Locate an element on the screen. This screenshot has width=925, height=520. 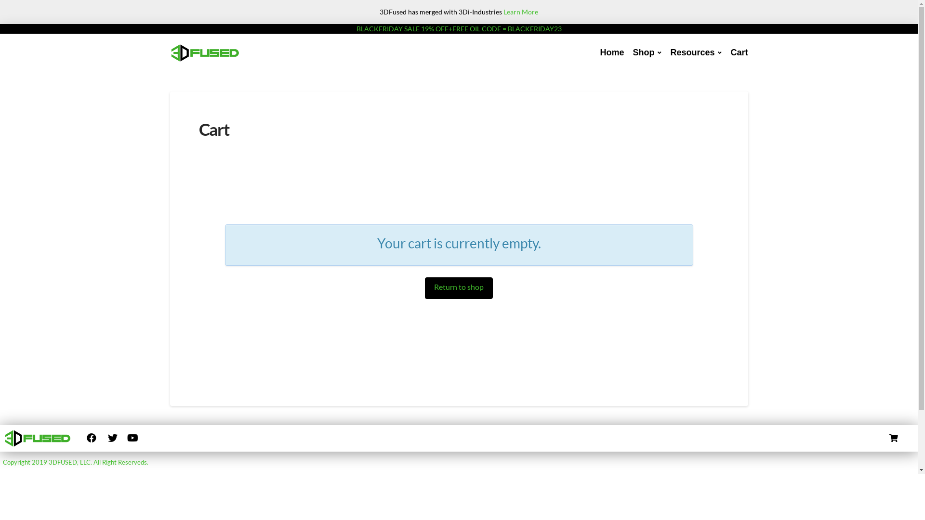
'Return to shop' is located at coordinates (424, 287).